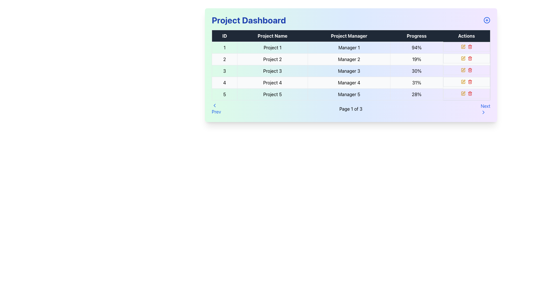 The width and height of the screenshot is (548, 308). I want to click on the action group icons in the 'Actions' column of the fourth row of the data table, which includes a yellow pencil and a red trash can for editing and deleting functionalities, respectively, so click(466, 82).